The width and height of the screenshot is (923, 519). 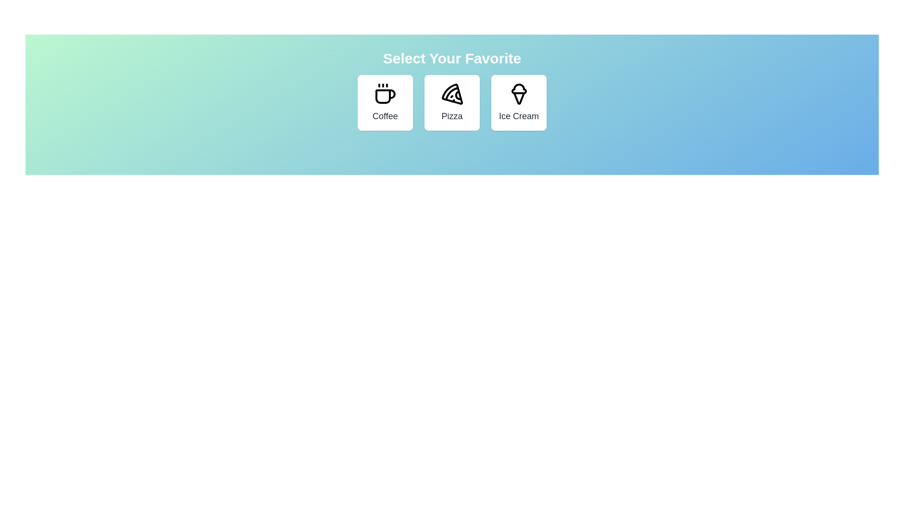 What do you see at coordinates (385, 116) in the screenshot?
I see `the Text label that describes the coffee card, located below the coffee cup icon in the first card of the 'Select Your Favorite' section` at bounding box center [385, 116].